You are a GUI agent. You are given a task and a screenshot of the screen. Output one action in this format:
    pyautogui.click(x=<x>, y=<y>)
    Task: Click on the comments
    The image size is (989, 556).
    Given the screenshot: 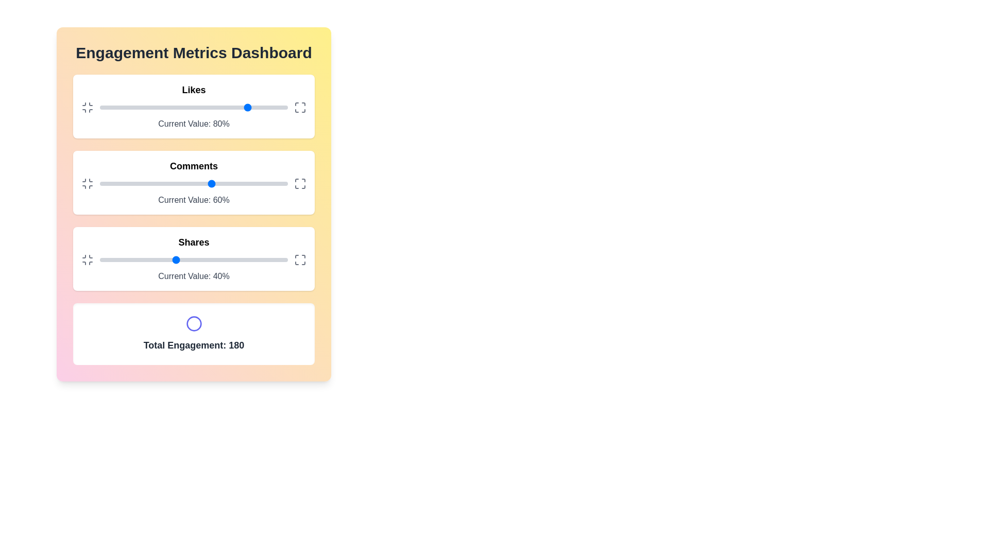 What is the action you would take?
    pyautogui.click(x=152, y=183)
    